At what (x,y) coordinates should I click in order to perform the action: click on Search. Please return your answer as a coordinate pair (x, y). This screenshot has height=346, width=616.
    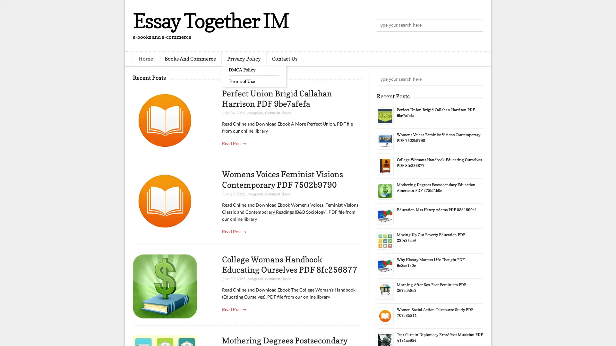
    Looking at the image, I should click on (476, 79).